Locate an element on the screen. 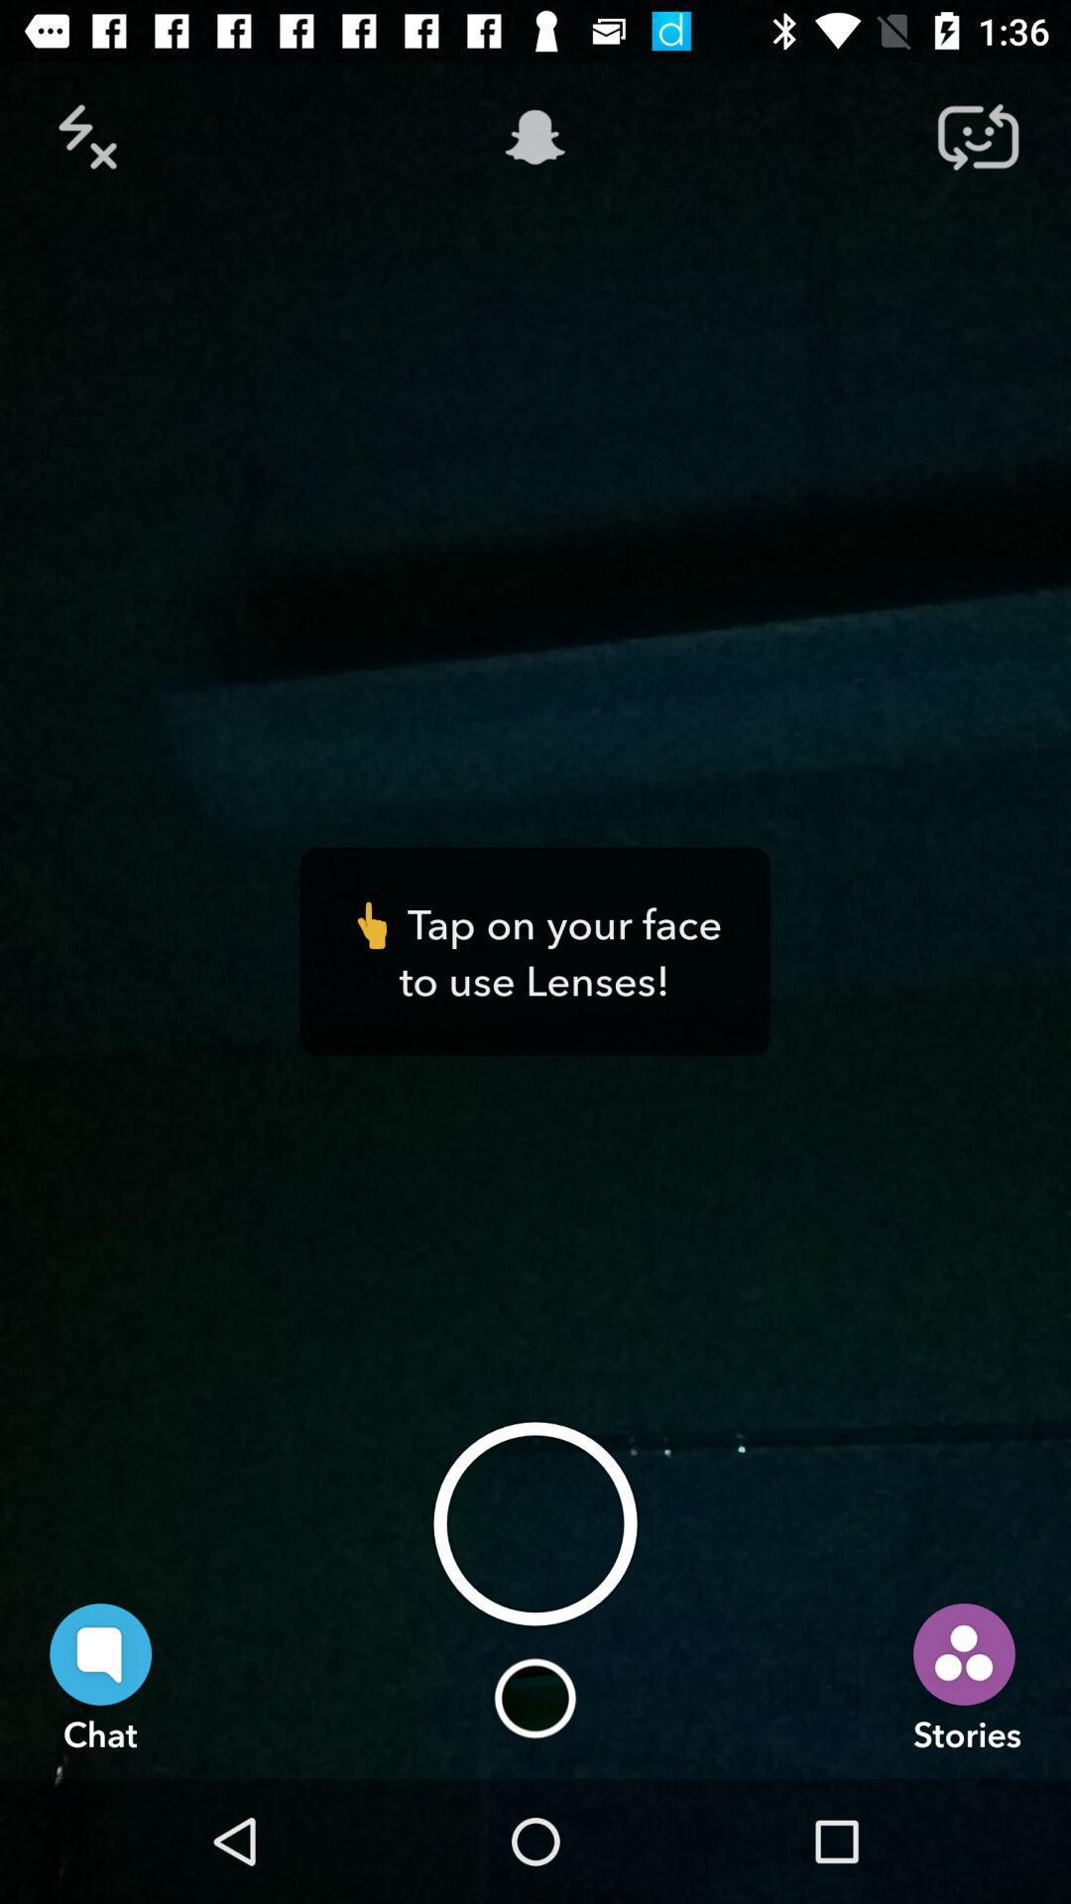 This screenshot has width=1071, height=1904. turn flash off/on is located at coordinates (92, 136).